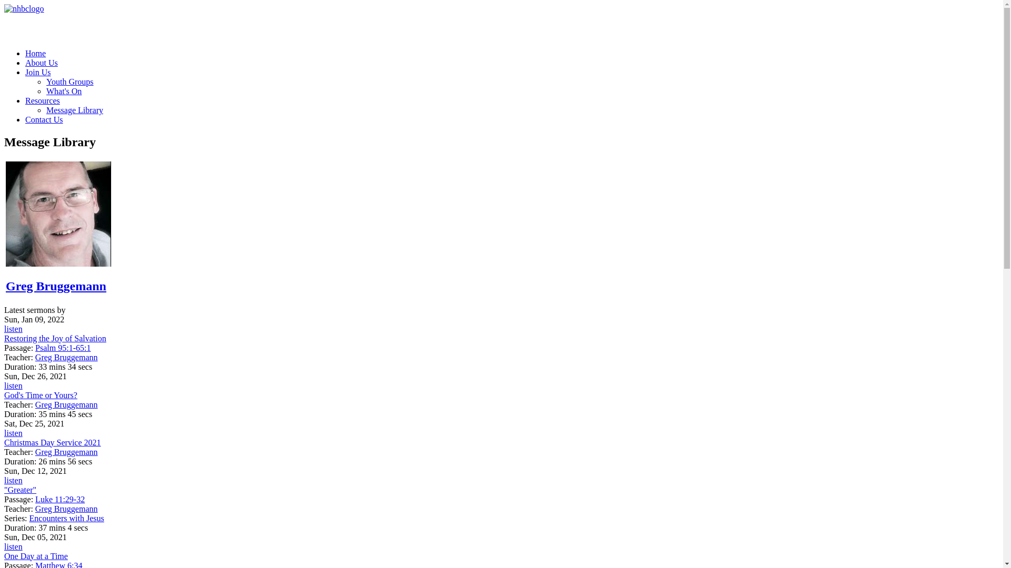 This screenshot has width=1011, height=568. I want to click on 'Message Library', so click(74, 110).